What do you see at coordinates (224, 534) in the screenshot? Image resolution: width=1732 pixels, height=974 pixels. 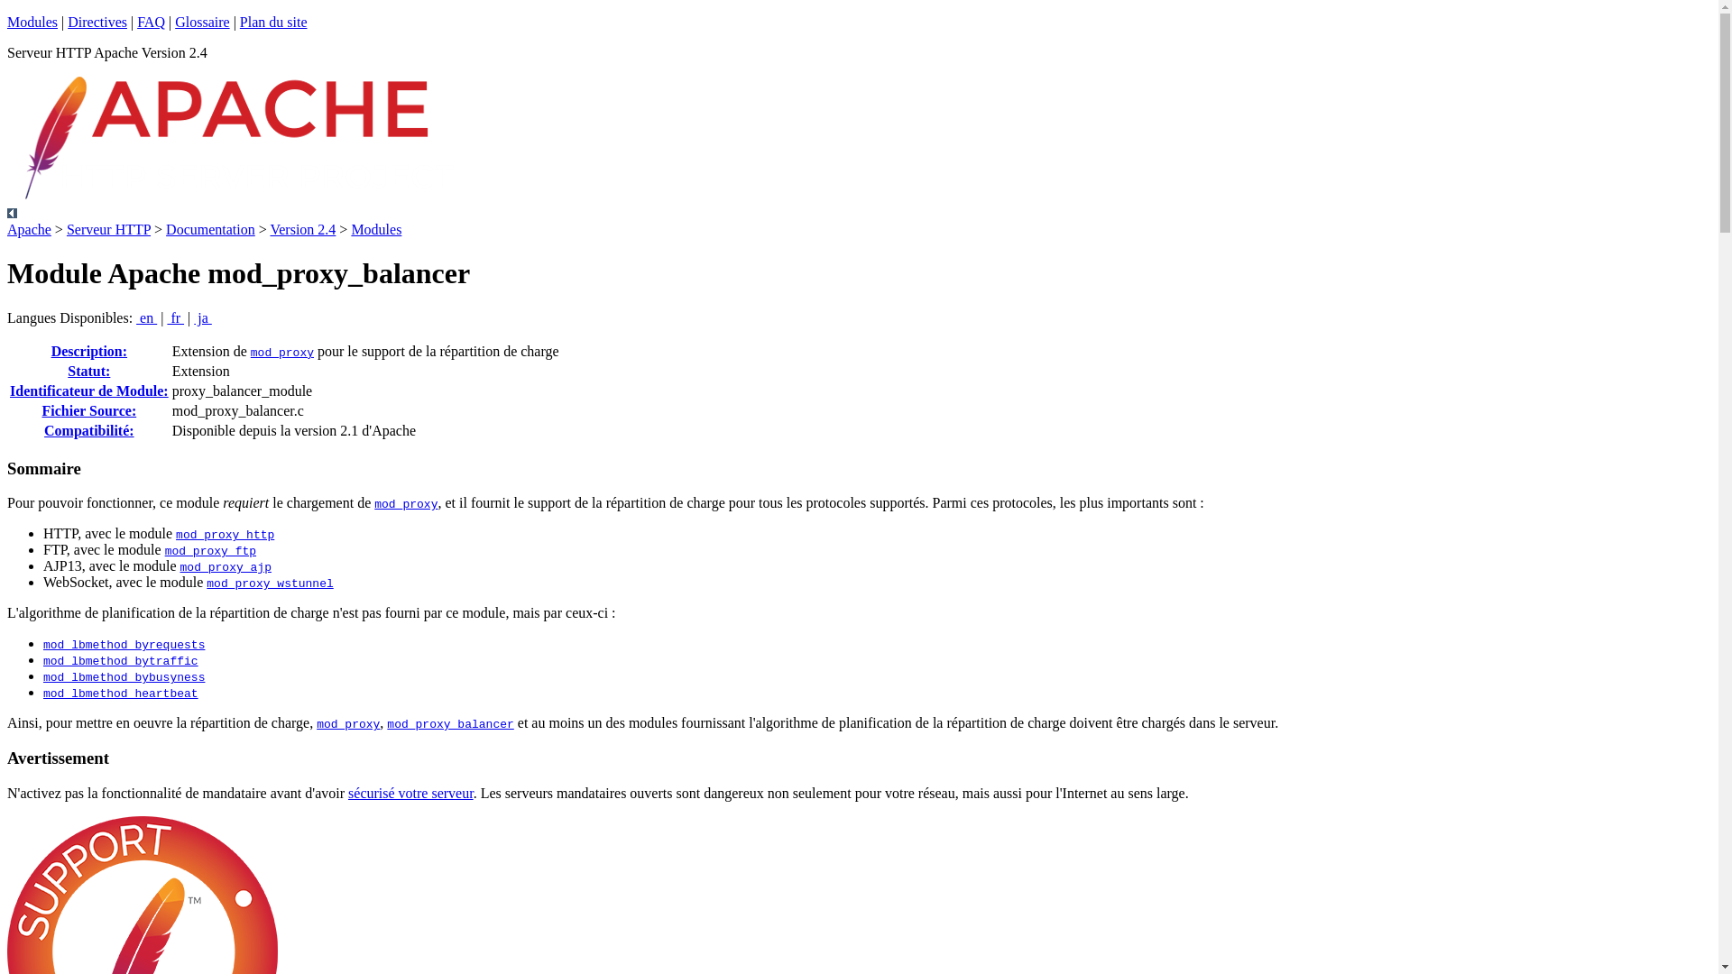 I see `'mod_proxy_http'` at bounding box center [224, 534].